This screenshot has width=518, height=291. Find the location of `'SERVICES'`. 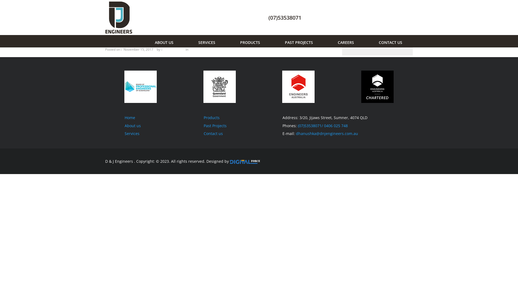

'SERVICES' is located at coordinates (195, 41).